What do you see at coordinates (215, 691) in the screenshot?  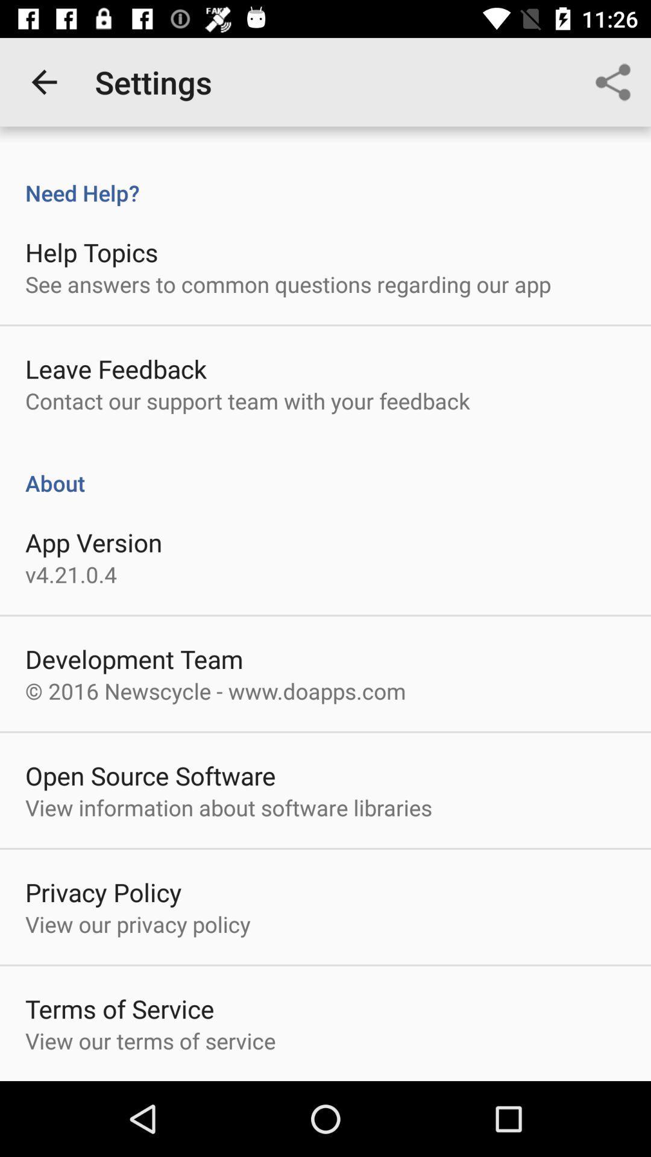 I see `icon above the open source software item` at bounding box center [215, 691].